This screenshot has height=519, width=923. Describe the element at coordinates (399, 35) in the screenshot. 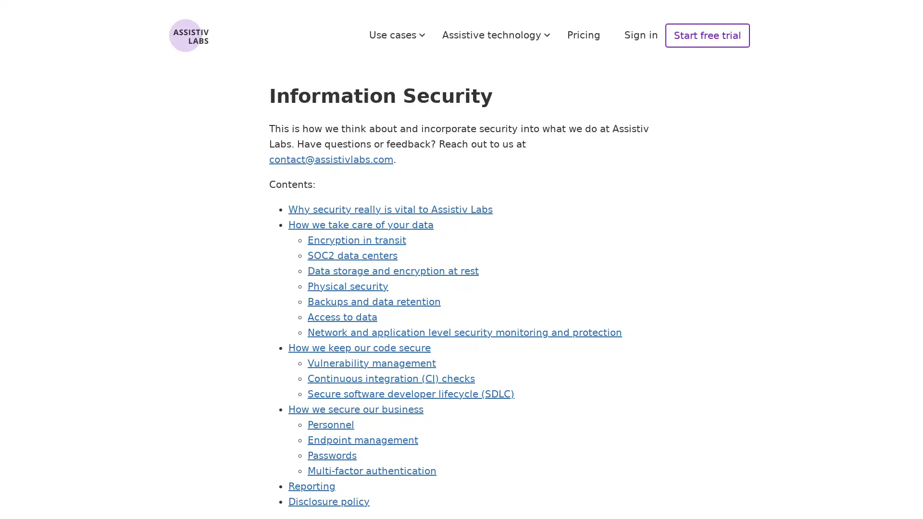

I see `Use cases` at that location.